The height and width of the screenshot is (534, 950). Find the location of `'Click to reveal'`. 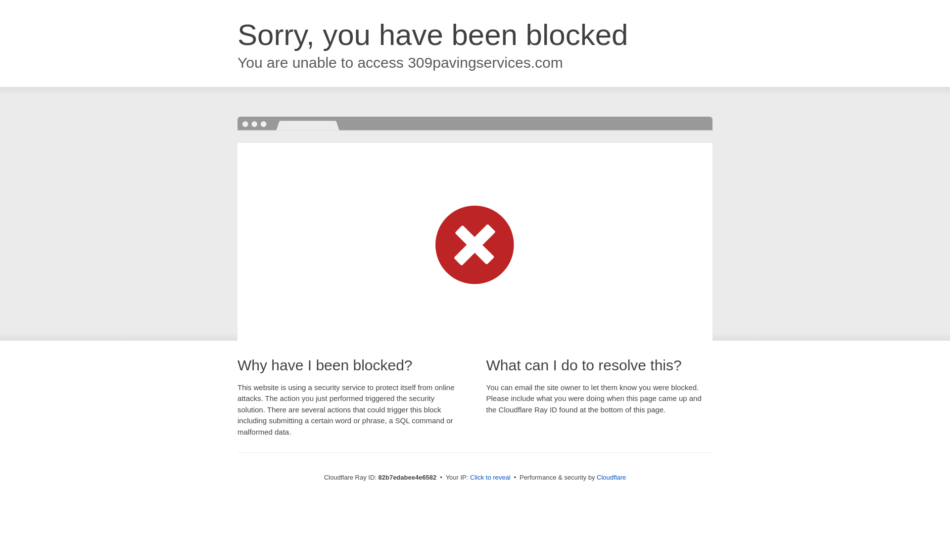

'Click to reveal' is located at coordinates (490, 477).